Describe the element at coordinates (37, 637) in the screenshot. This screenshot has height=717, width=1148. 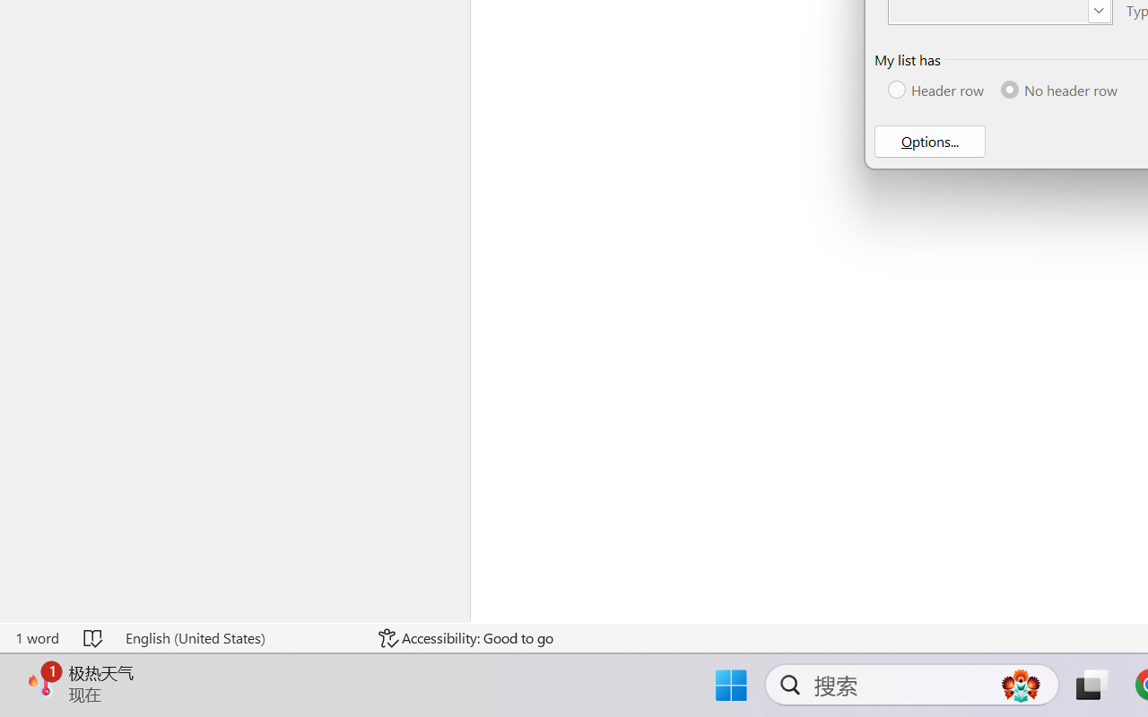
I see `'Word Count 1 word'` at that location.